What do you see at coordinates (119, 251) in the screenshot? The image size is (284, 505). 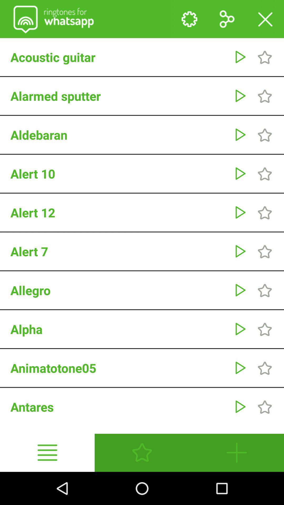 I see `the alert 7 item` at bounding box center [119, 251].